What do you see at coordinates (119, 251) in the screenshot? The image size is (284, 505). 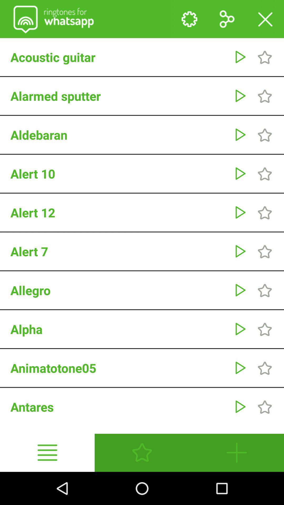 I see `the alert 7 item` at bounding box center [119, 251].